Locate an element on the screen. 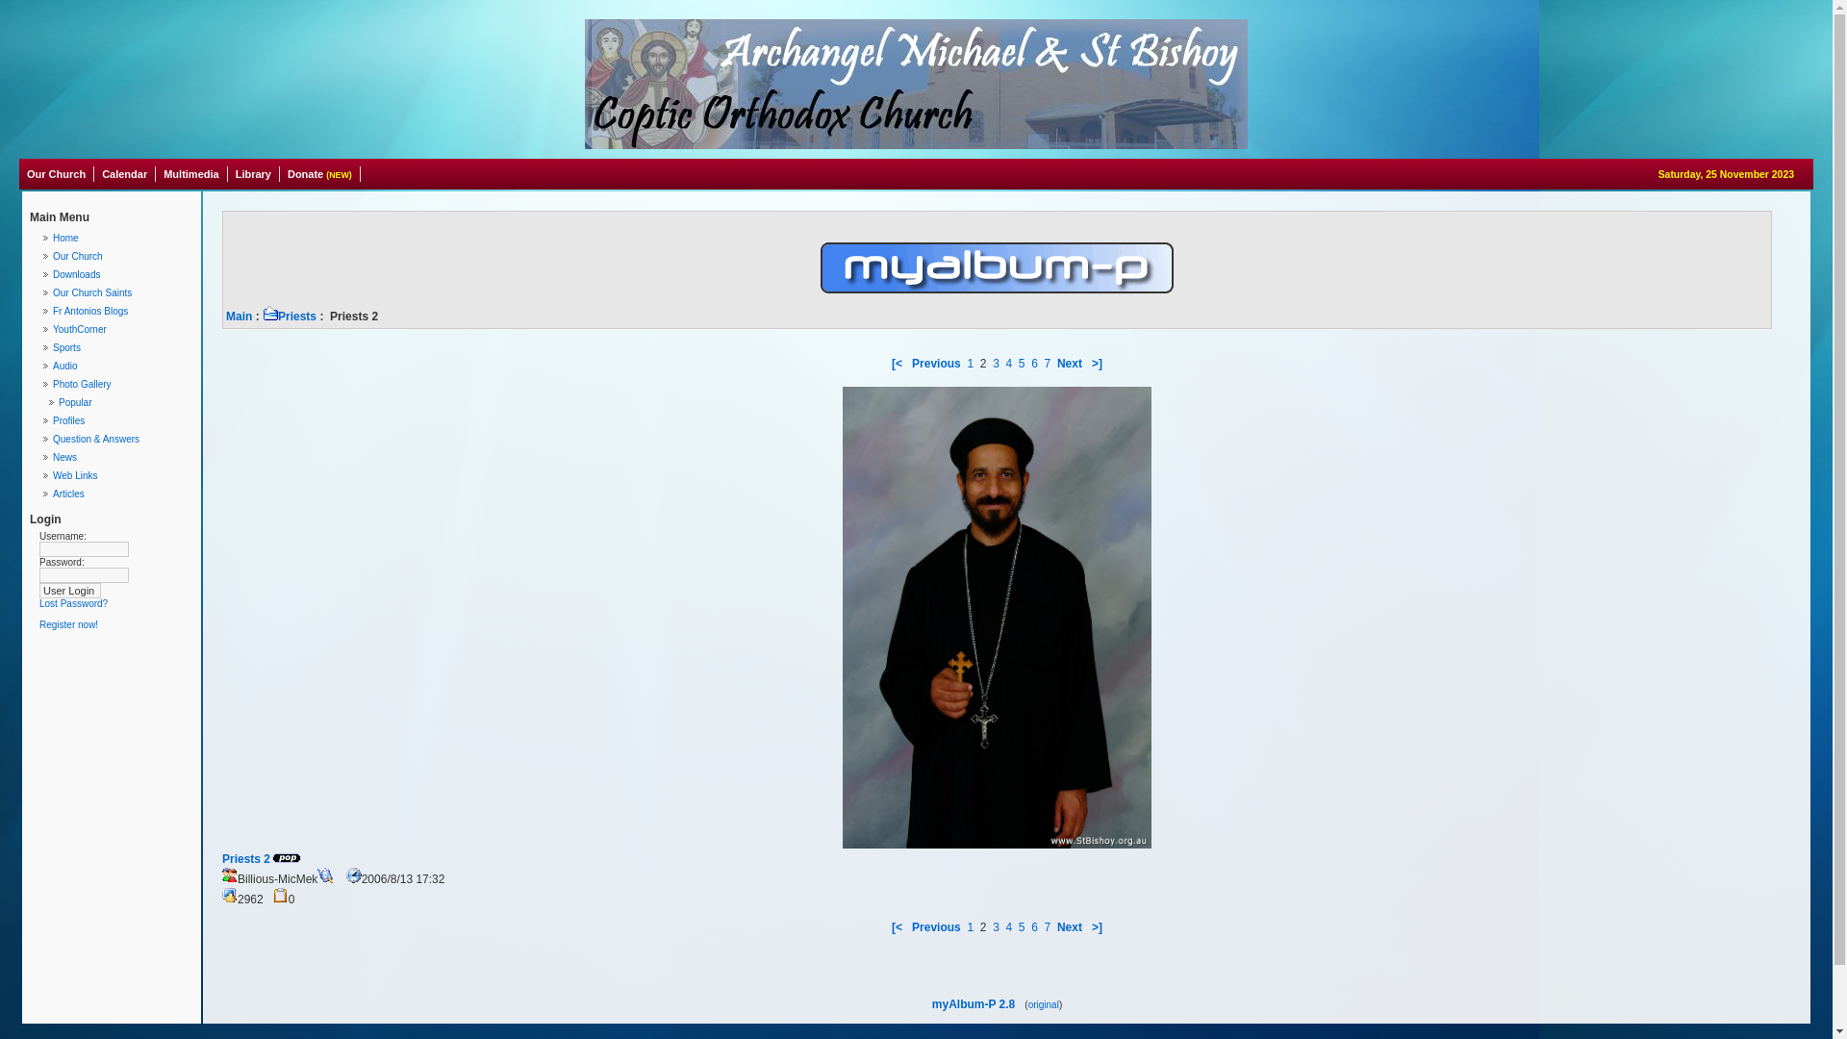  'Lost Password?' is located at coordinates (73, 602).